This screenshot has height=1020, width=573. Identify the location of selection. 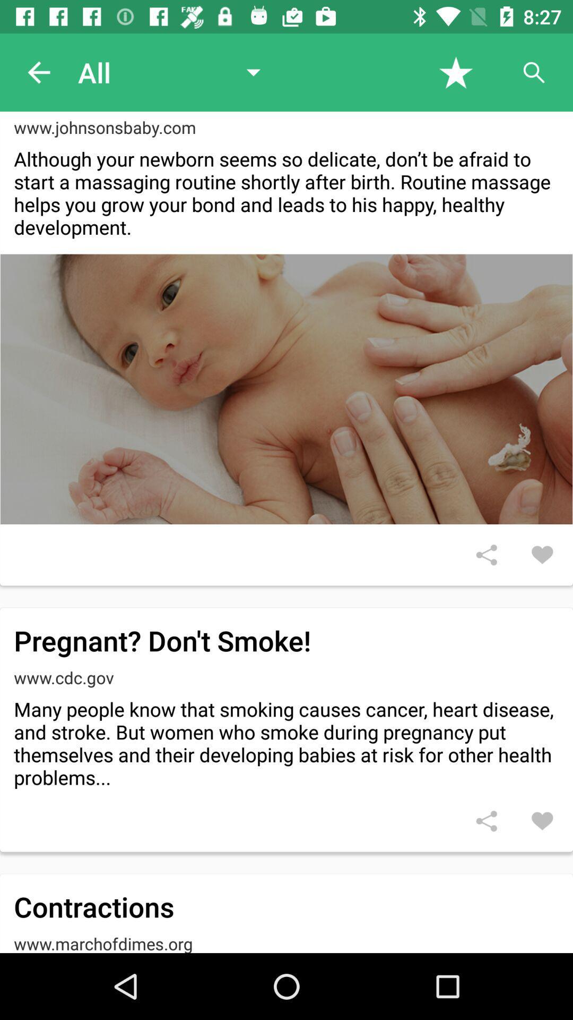
(455, 72).